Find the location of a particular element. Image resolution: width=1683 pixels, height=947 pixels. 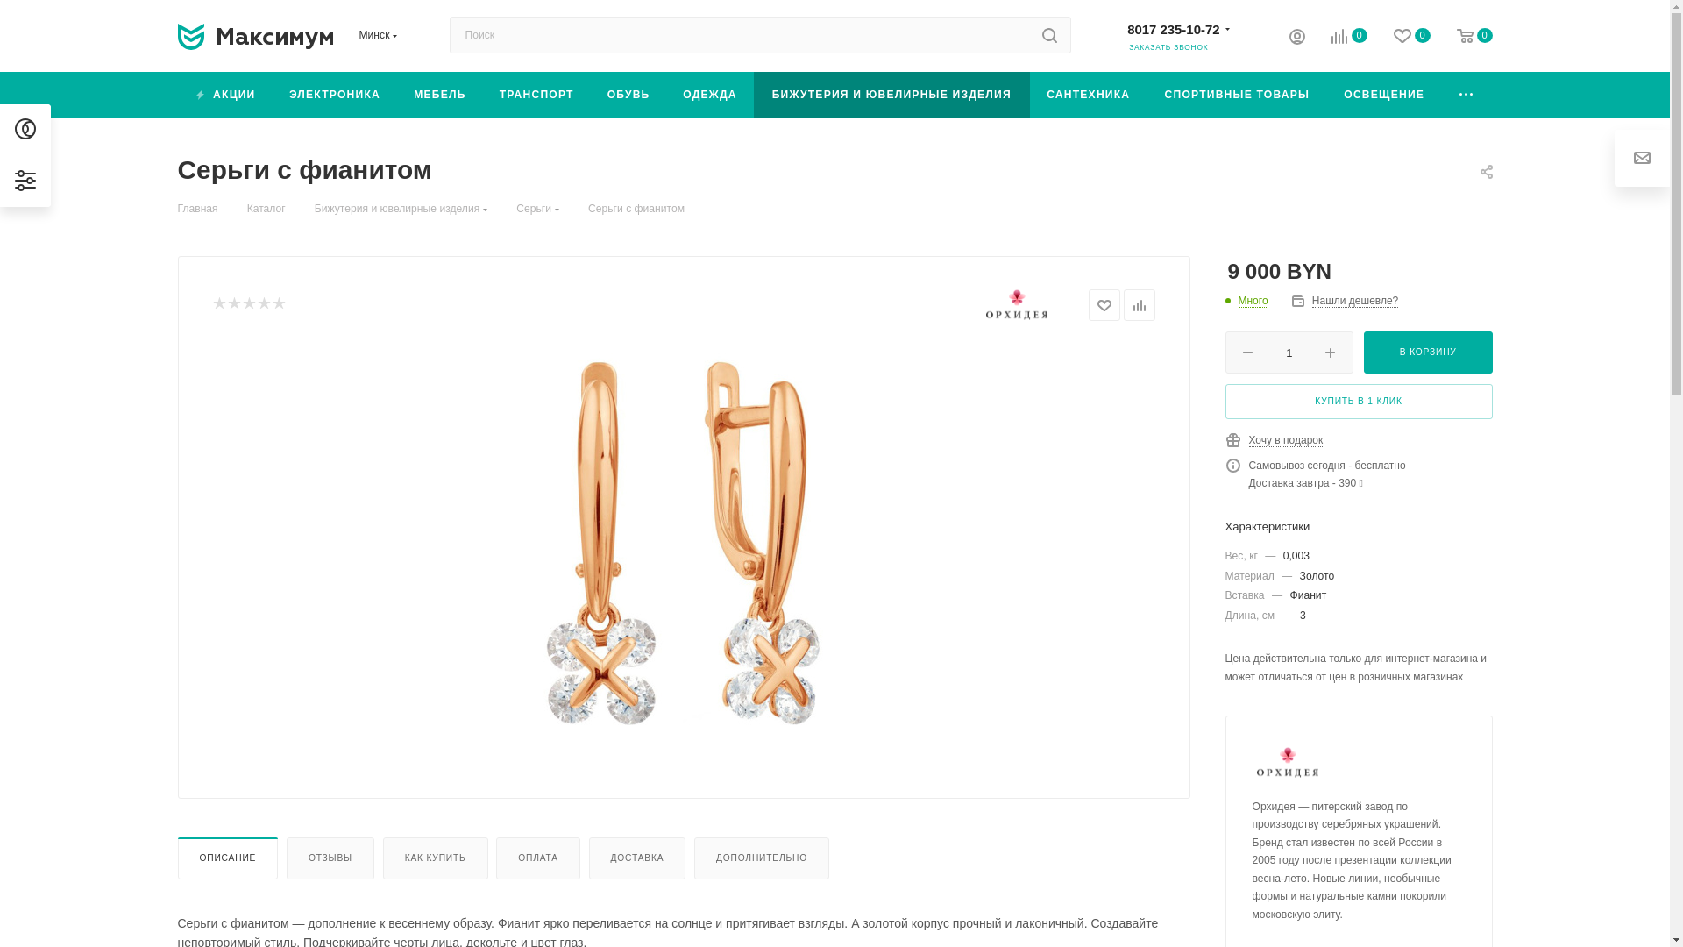

'8017 235-10-72' is located at coordinates (1173, 28).